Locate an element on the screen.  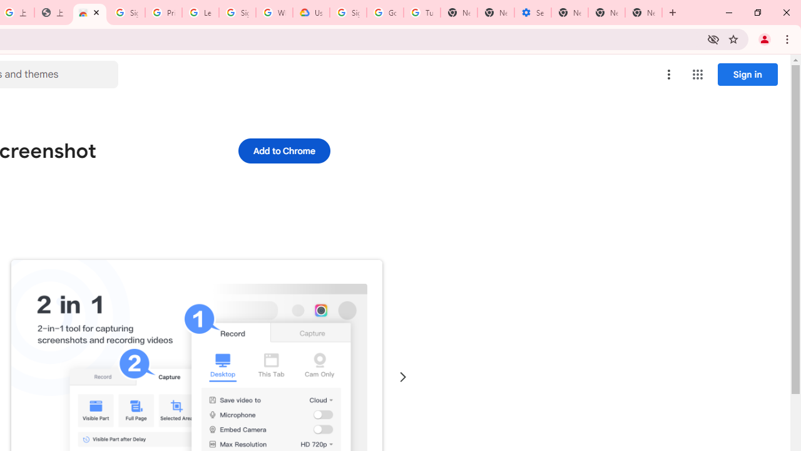
'Awesome Screen Recorder & Screenshot - Chrome Web Store' is located at coordinates (89, 13).